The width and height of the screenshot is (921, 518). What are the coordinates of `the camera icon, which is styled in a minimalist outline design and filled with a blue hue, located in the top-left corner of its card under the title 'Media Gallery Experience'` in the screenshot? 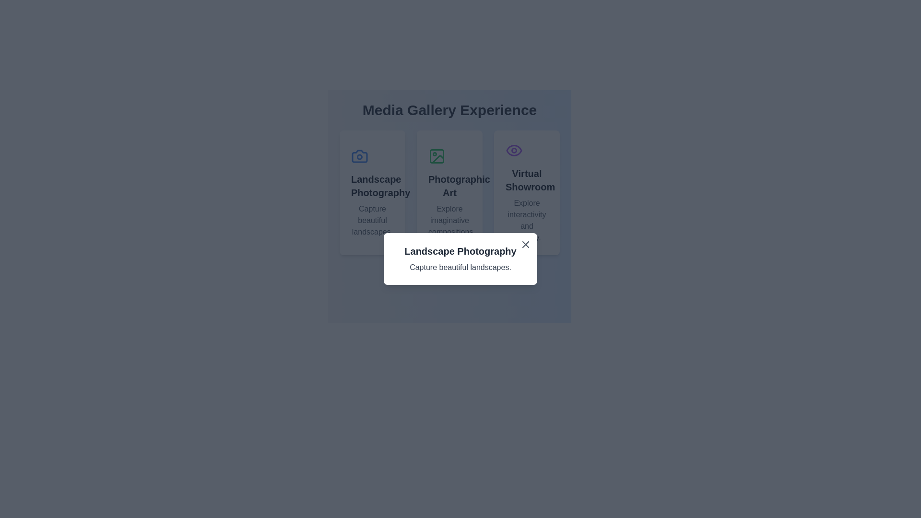 It's located at (359, 156).